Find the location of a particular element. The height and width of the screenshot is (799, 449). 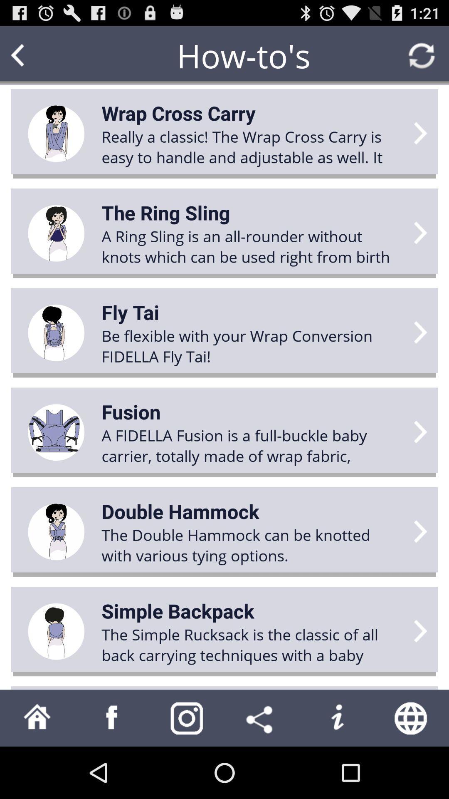

share how-to 's is located at coordinates (261, 717).